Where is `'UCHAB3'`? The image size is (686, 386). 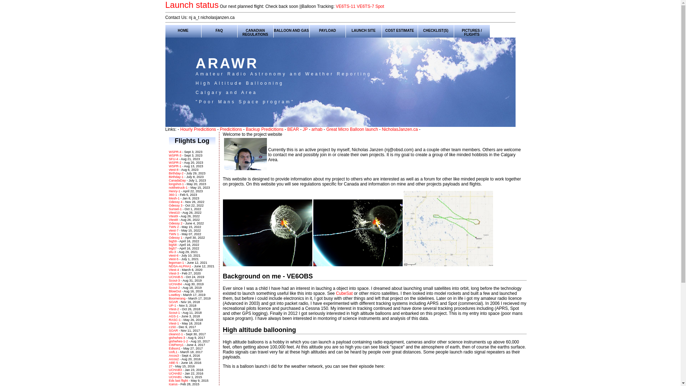
'UCHAB3' is located at coordinates (175, 370).